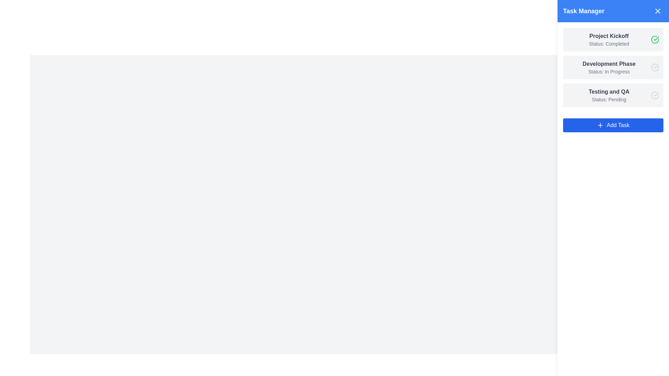 The width and height of the screenshot is (669, 376). What do you see at coordinates (655, 40) in the screenshot?
I see `the style of the Status indicator icon located at the far right of the 'Project Kickoff' item in the 'Task Manager' panel, which signifies that the task has been marked as completed` at bounding box center [655, 40].